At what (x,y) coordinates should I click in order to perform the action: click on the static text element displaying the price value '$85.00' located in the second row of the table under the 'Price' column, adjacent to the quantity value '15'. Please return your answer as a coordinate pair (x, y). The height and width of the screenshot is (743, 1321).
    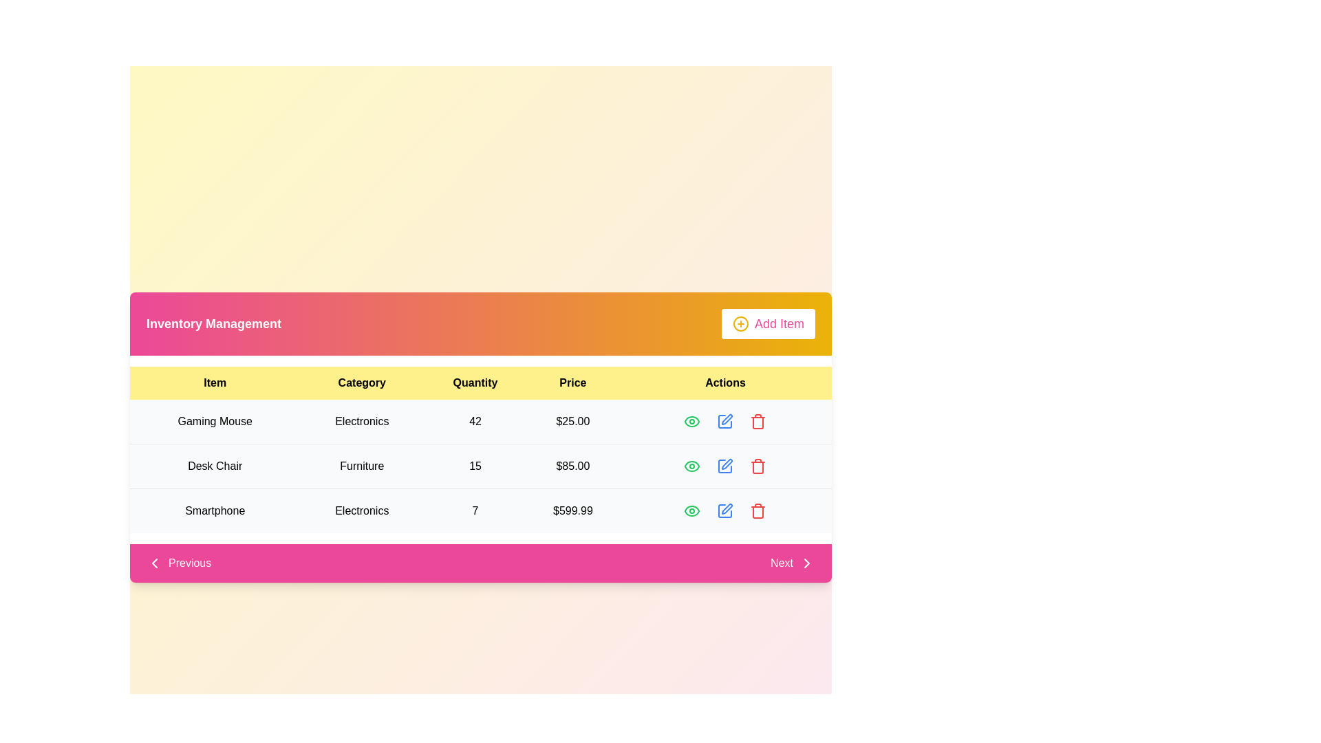
    Looking at the image, I should click on (572, 466).